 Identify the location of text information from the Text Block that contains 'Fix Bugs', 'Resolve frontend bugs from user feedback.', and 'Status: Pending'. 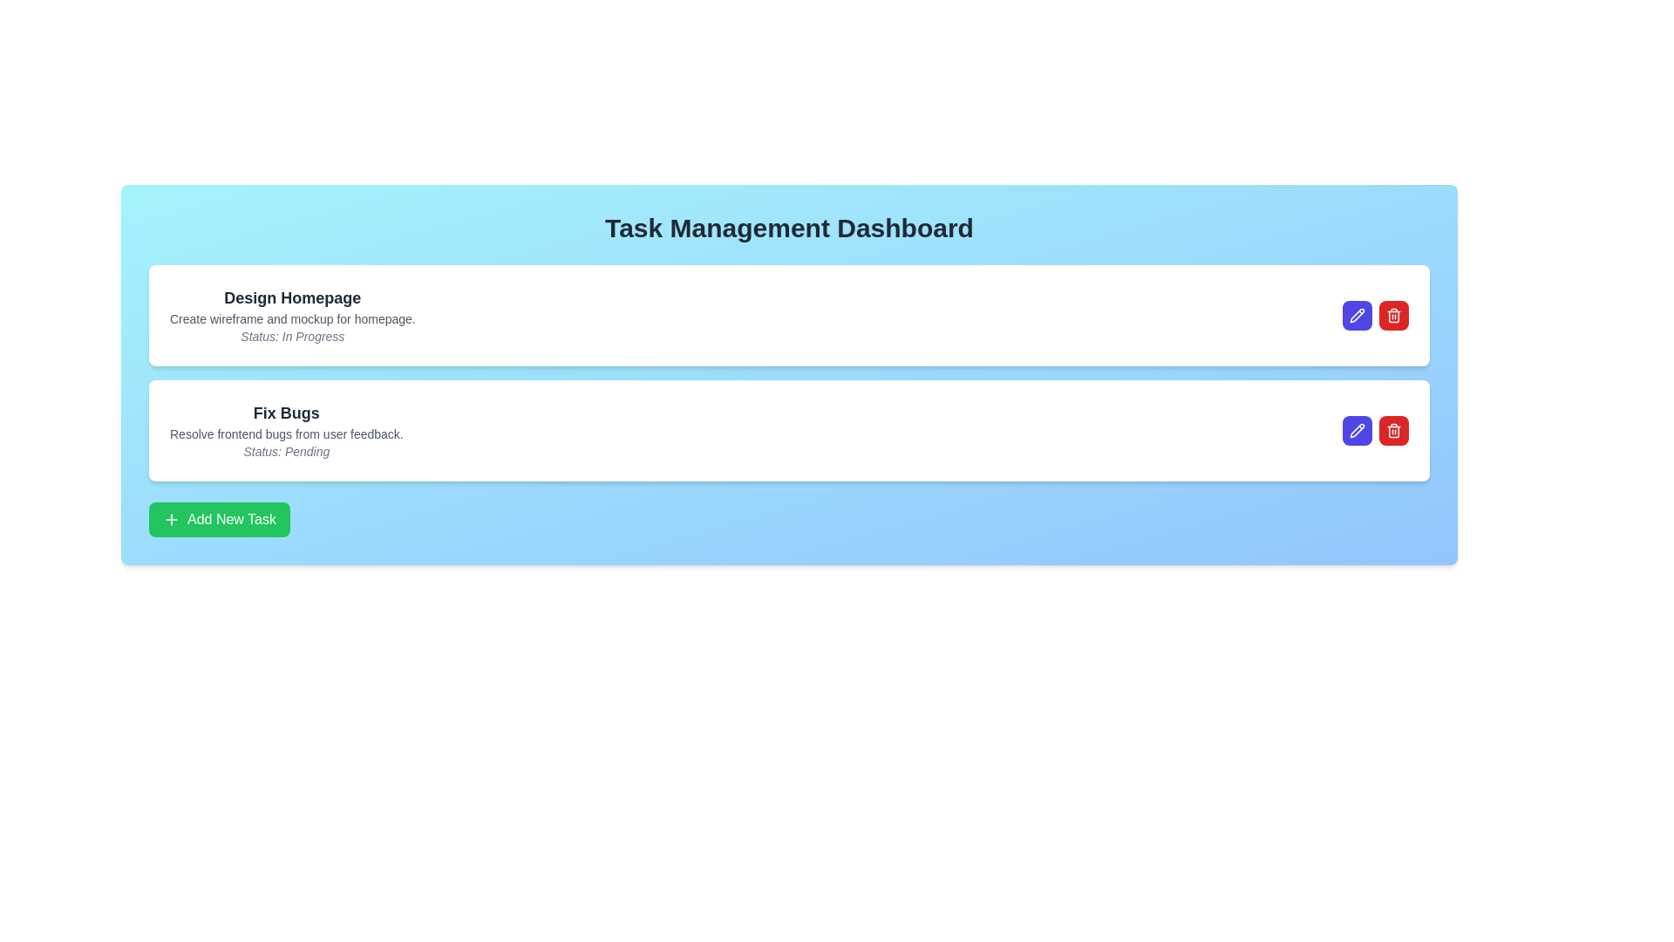
(286, 430).